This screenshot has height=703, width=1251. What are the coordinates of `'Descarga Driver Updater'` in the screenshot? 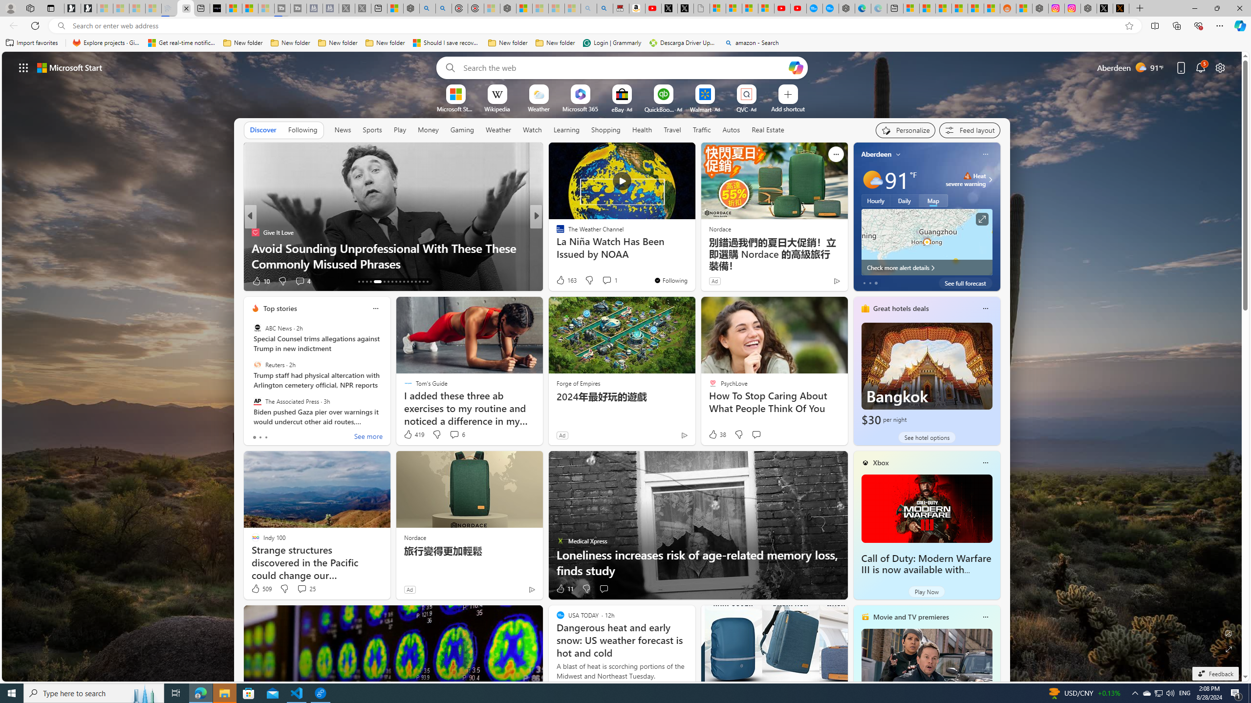 It's located at (683, 42).